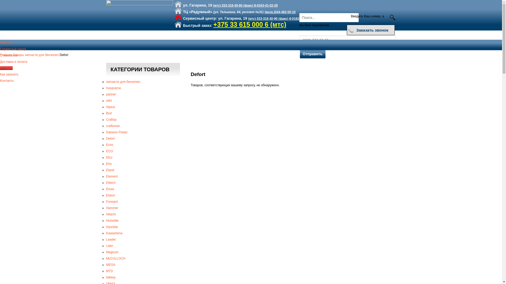  I want to click on 'Daewoo Power', so click(116, 132).